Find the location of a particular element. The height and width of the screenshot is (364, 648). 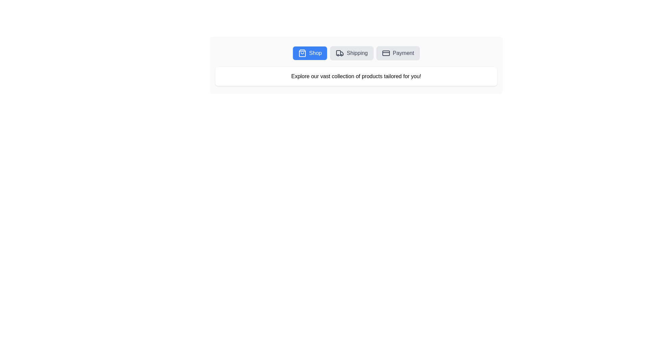

the second button in a horizontal row of three buttons is located at coordinates (351, 53).